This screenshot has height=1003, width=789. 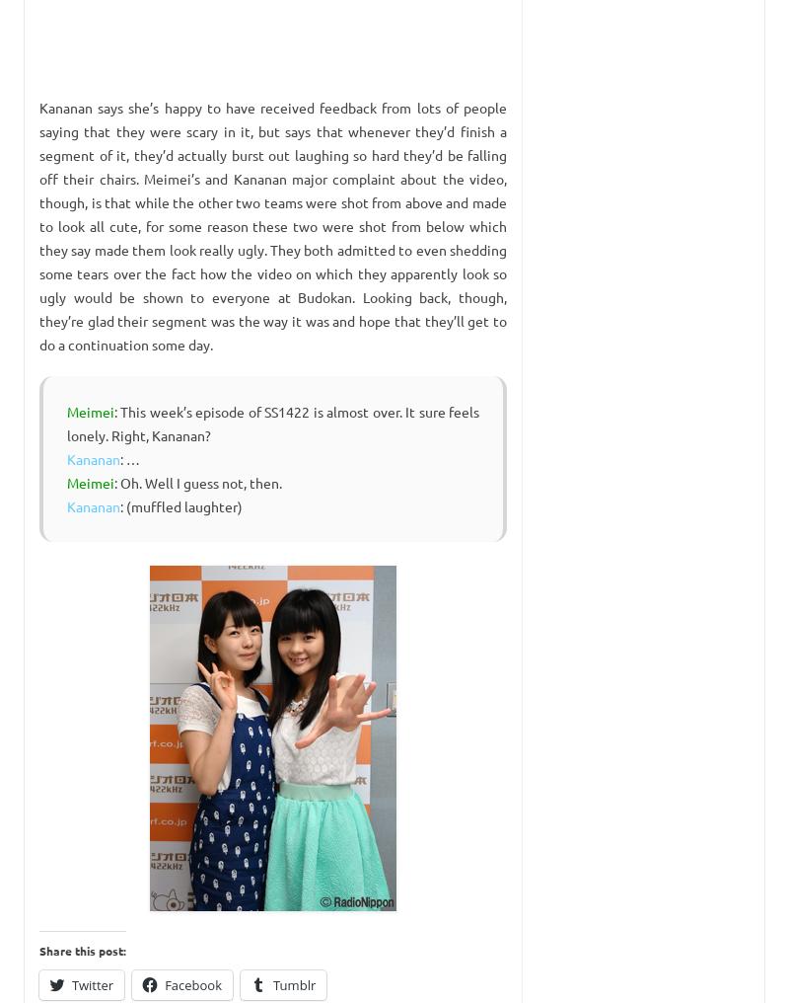 What do you see at coordinates (129, 459) in the screenshot?
I see `': …'` at bounding box center [129, 459].